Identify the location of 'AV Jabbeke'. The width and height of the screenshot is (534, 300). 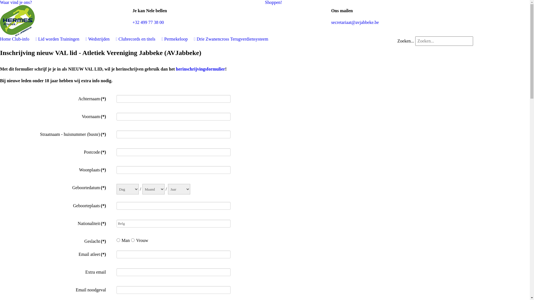
(17, 20).